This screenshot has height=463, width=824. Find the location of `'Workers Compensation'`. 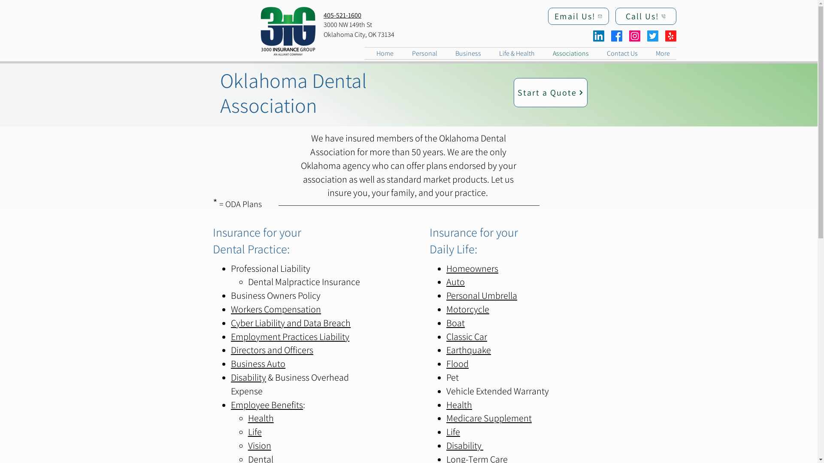

'Workers Compensation' is located at coordinates (276, 309).